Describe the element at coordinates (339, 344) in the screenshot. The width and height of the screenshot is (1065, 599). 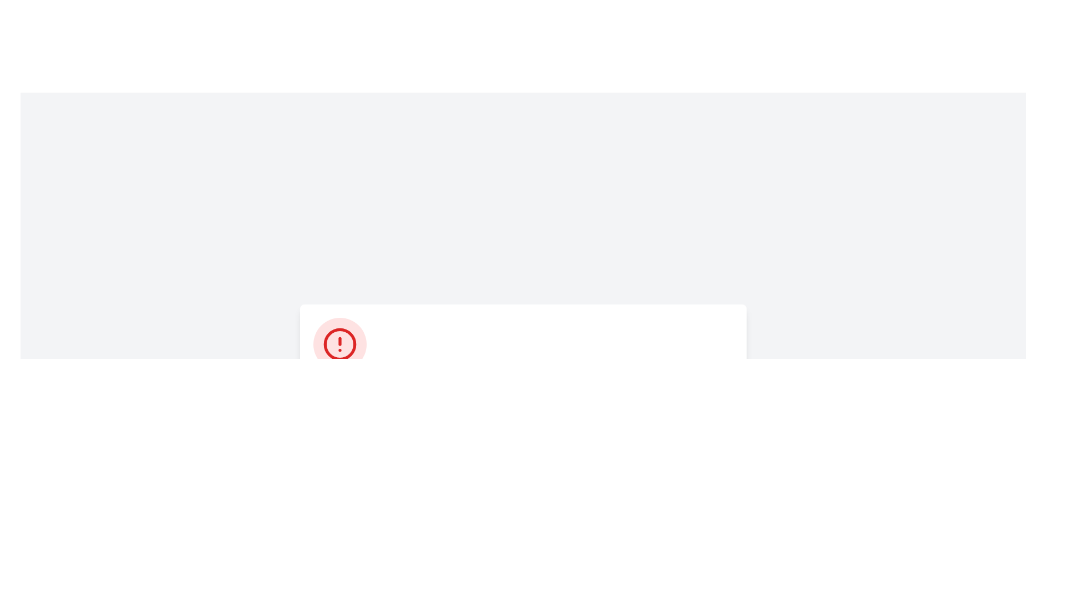
I see `the Alert Icon, which is a warning indicator located near the bottom center of the interface with a pinkish background and rounded shape` at that location.